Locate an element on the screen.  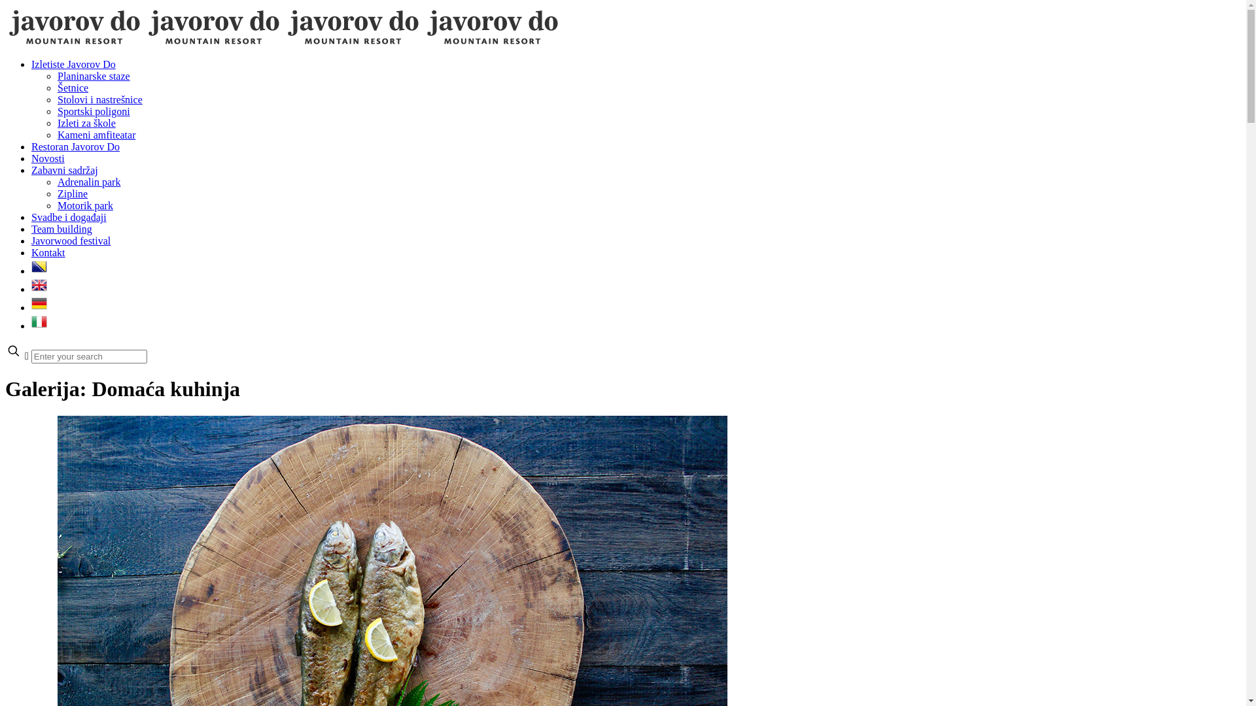
'Adrenalin park' is located at coordinates (56, 182).